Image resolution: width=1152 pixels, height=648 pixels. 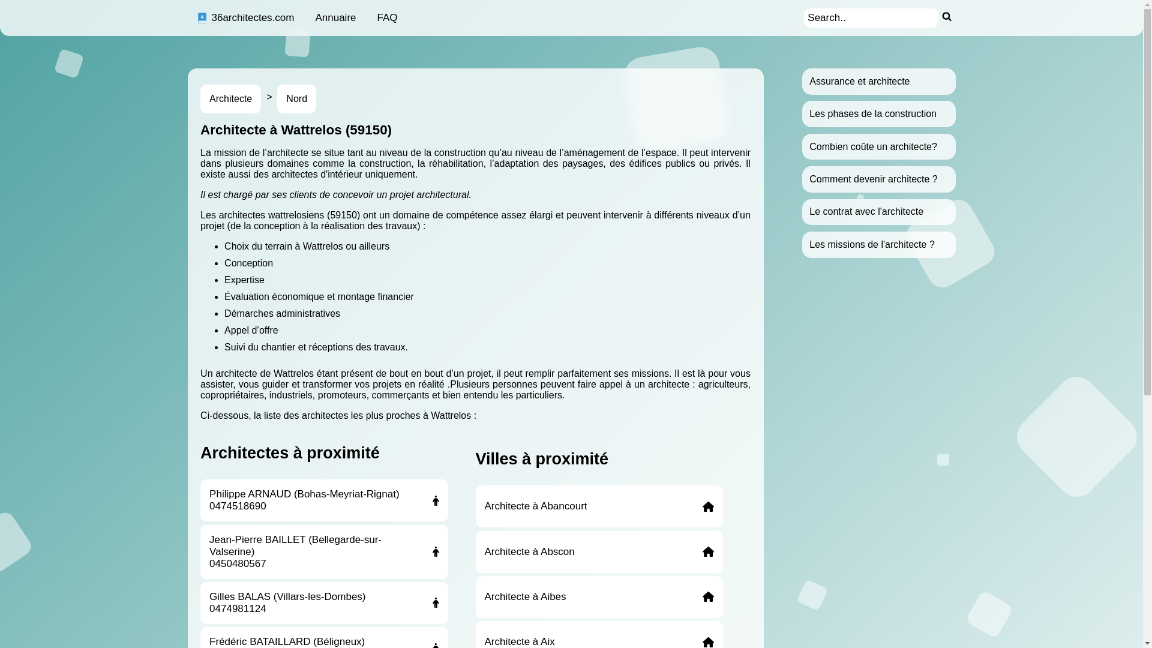 I want to click on 'Annuaire', so click(x=335, y=18).